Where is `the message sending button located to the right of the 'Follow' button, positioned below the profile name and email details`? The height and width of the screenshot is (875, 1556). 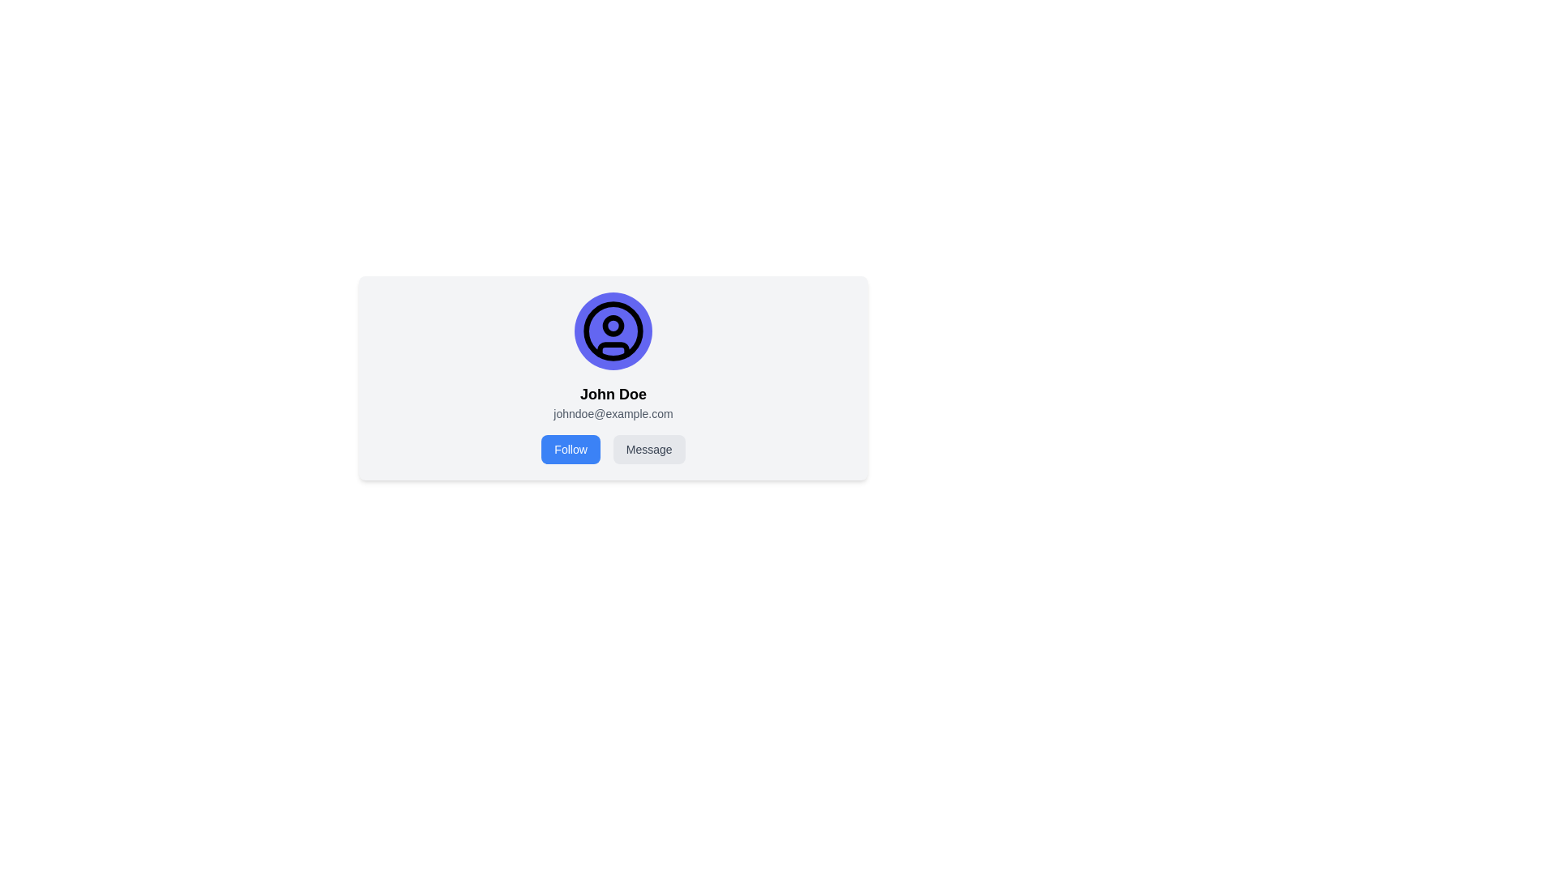 the message sending button located to the right of the 'Follow' button, positioned below the profile name and email details is located at coordinates (649, 450).